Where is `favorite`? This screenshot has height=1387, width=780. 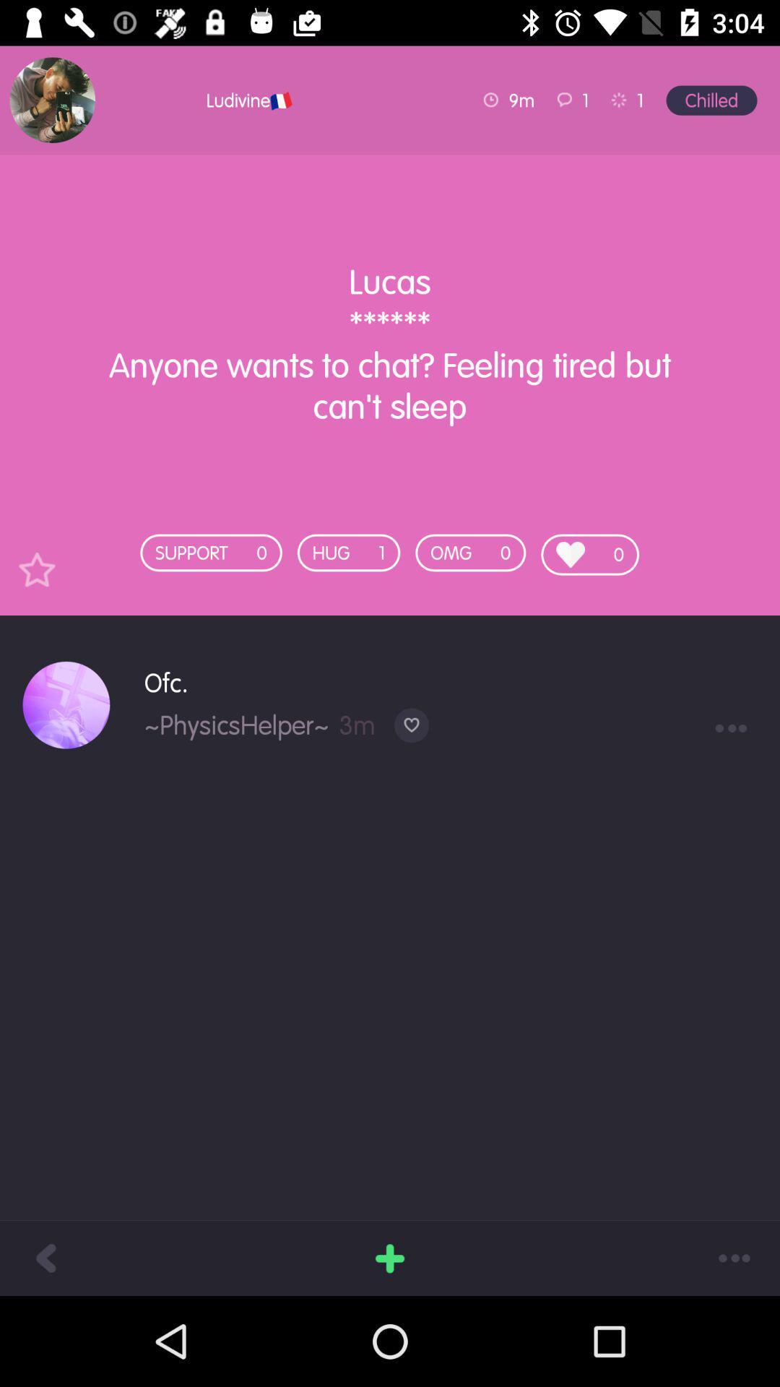 favorite is located at coordinates (36, 569).